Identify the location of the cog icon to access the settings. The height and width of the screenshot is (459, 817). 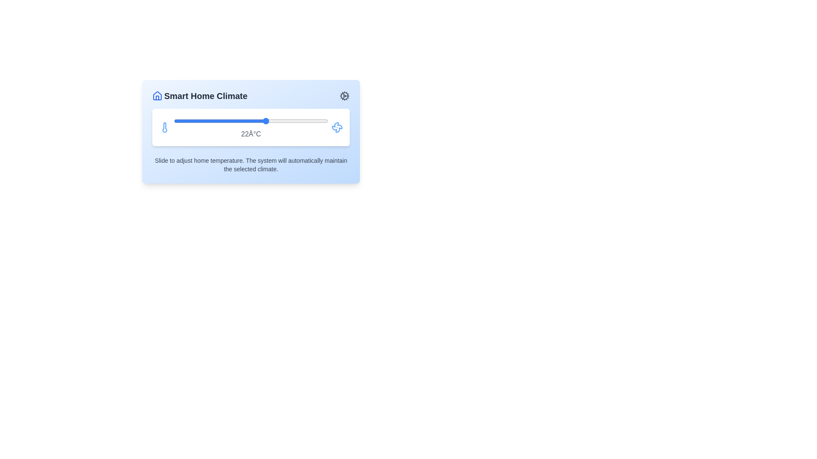
(345, 96).